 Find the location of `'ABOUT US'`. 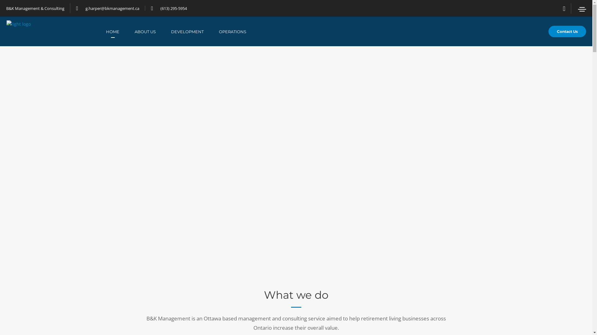

'ABOUT US' is located at coordinates (153, 31).